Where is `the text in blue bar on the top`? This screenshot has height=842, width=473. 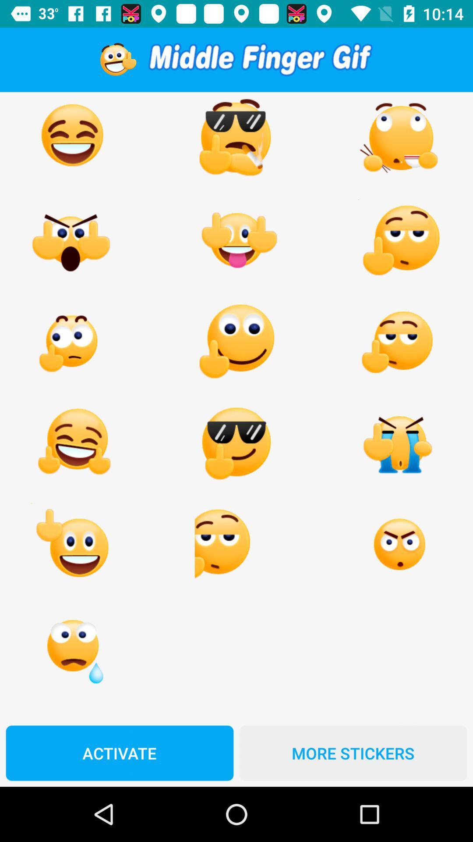 the text in blue bar on the top is located at coordinates (260, 59).